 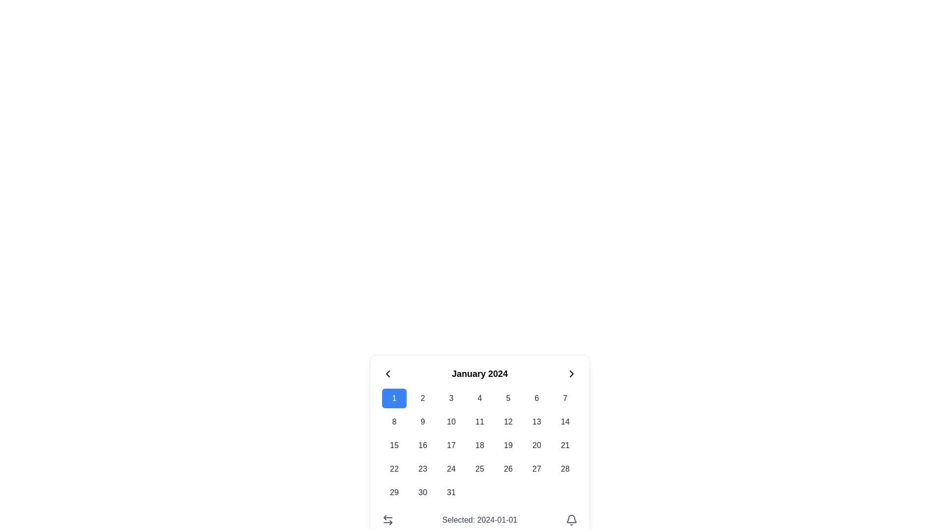 I want to click on the Calendar day button for January 16th, 2024, so click(x=422, y=445).